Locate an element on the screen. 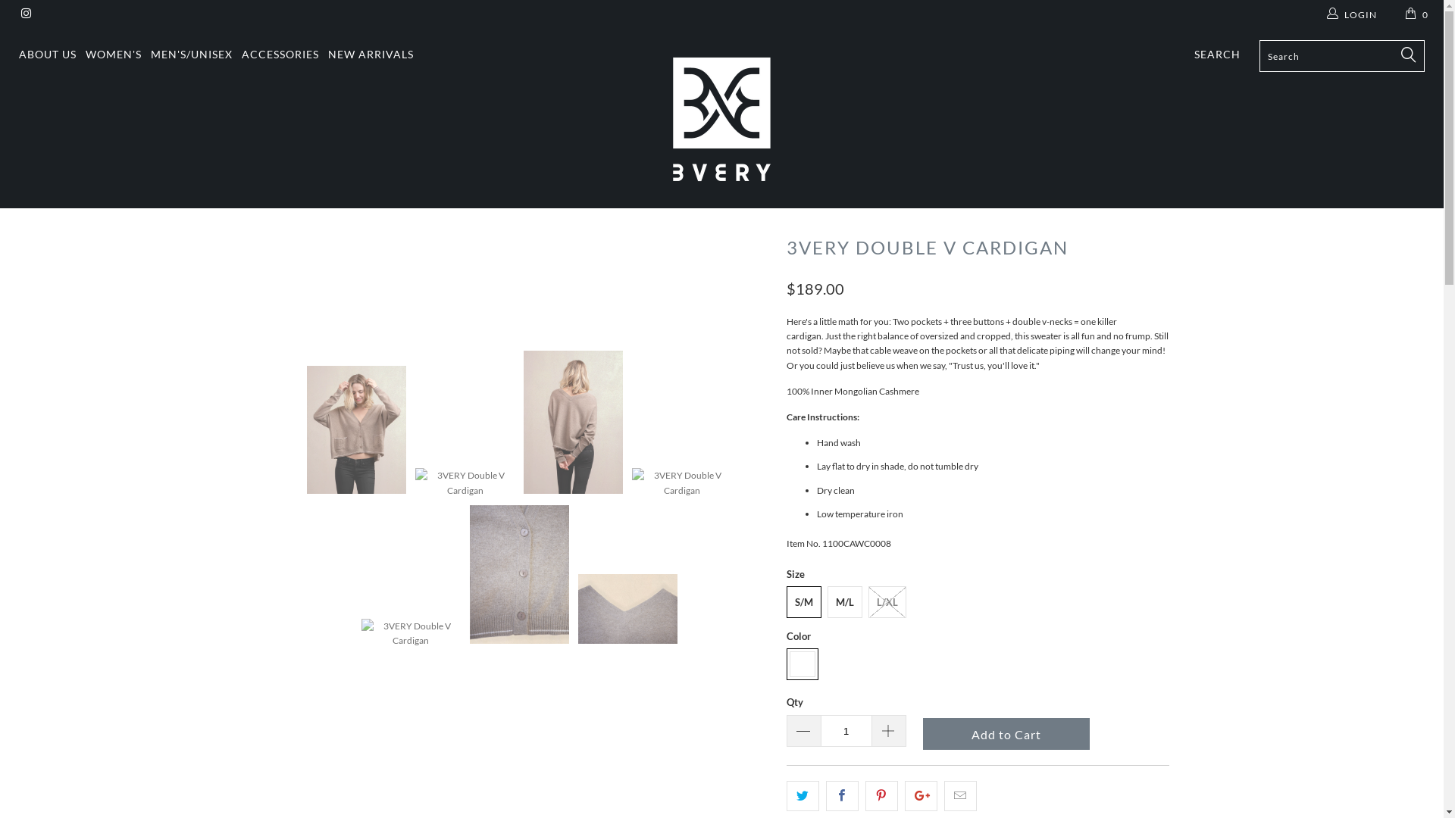  'Share this on Facebook' is located at coordinates (824, 795).